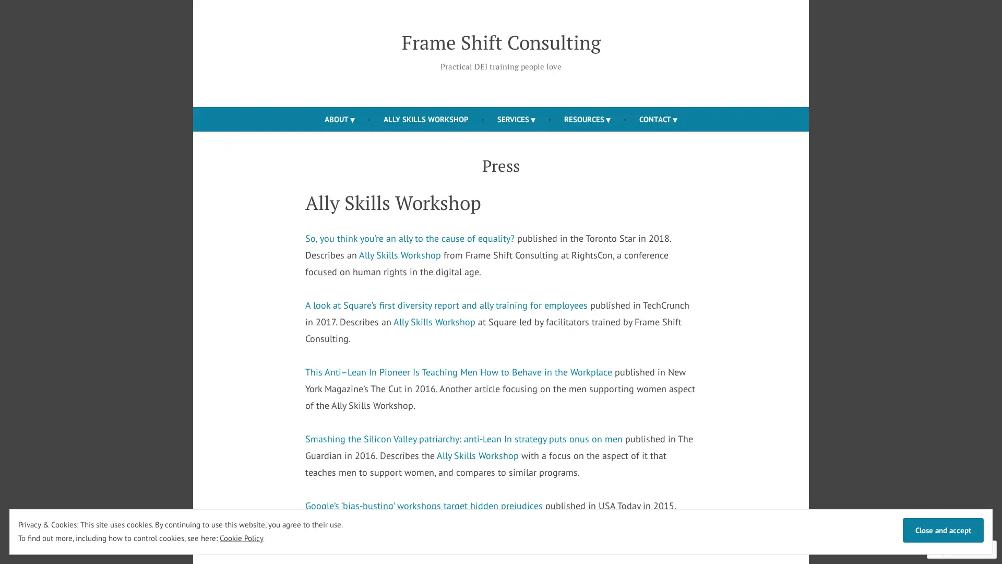  Describe the element at coordinates (943, 530) in the screenshot. I see `Close and accept` at that location.